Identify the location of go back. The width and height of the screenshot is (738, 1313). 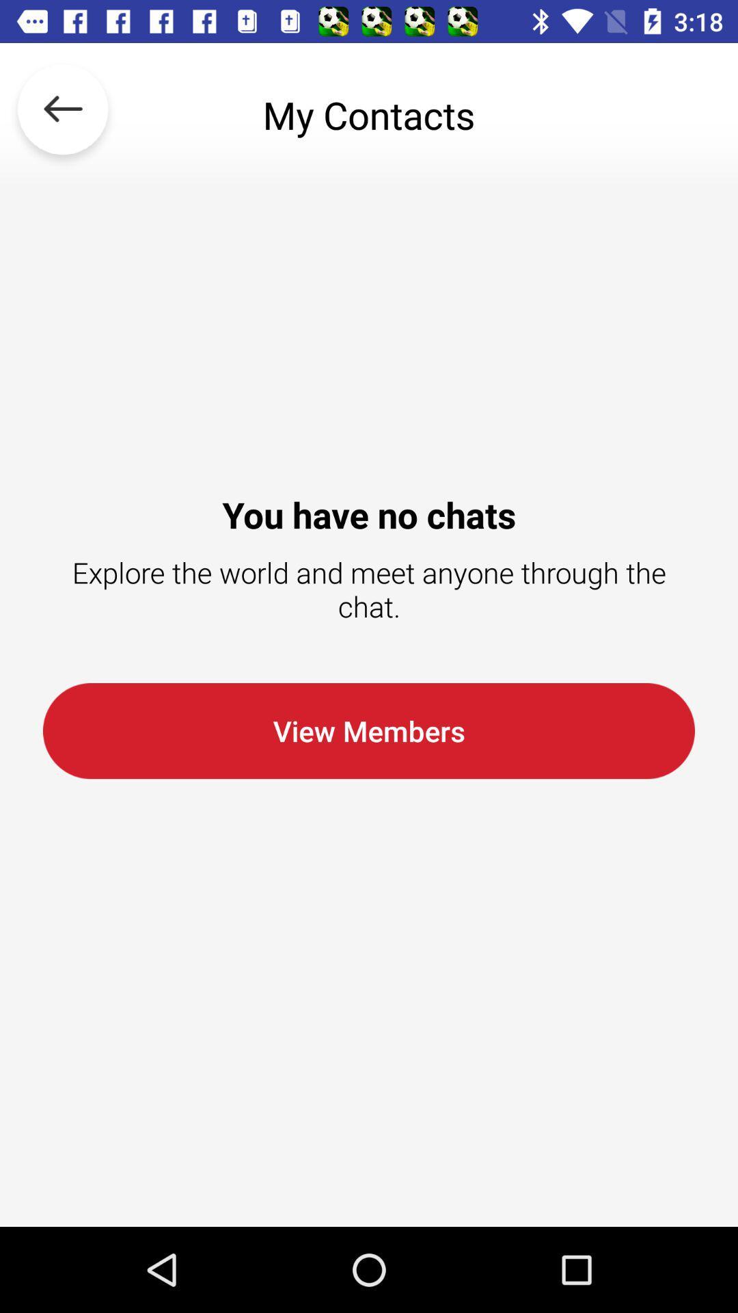
(63, 115).